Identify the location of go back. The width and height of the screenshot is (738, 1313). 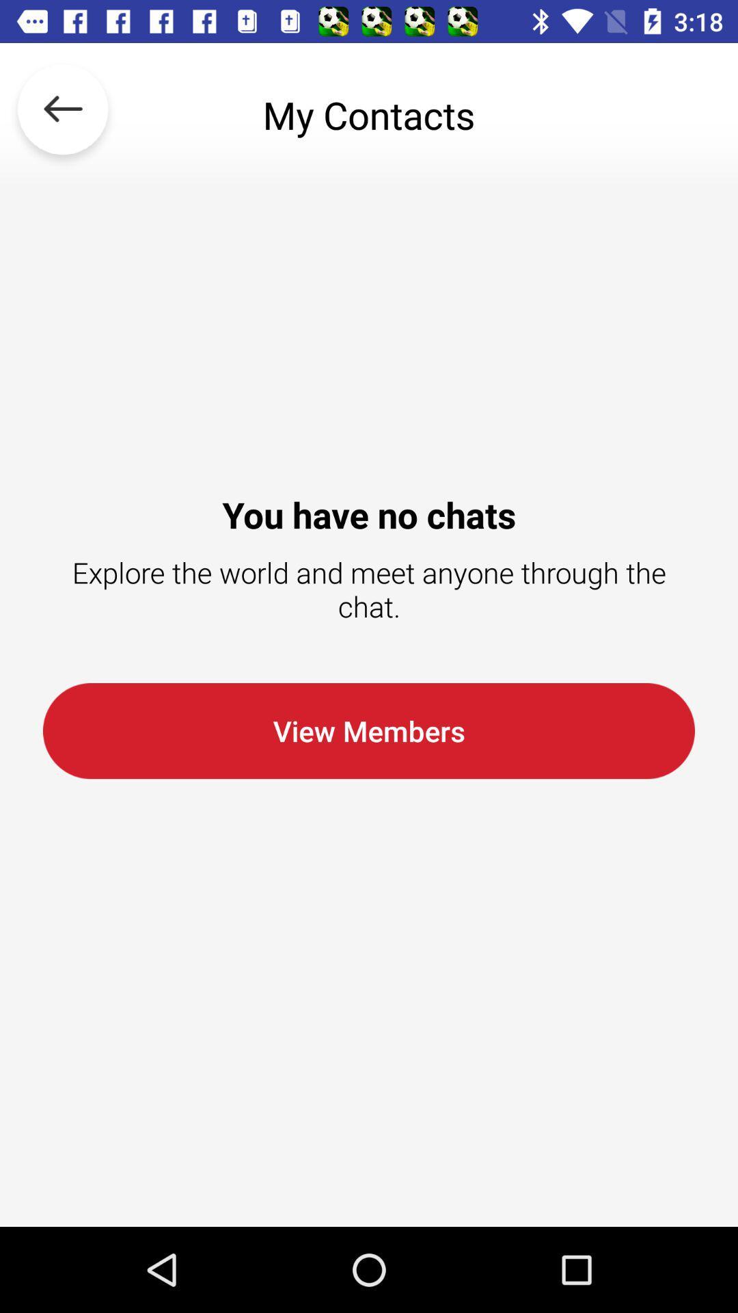
(63, 115).